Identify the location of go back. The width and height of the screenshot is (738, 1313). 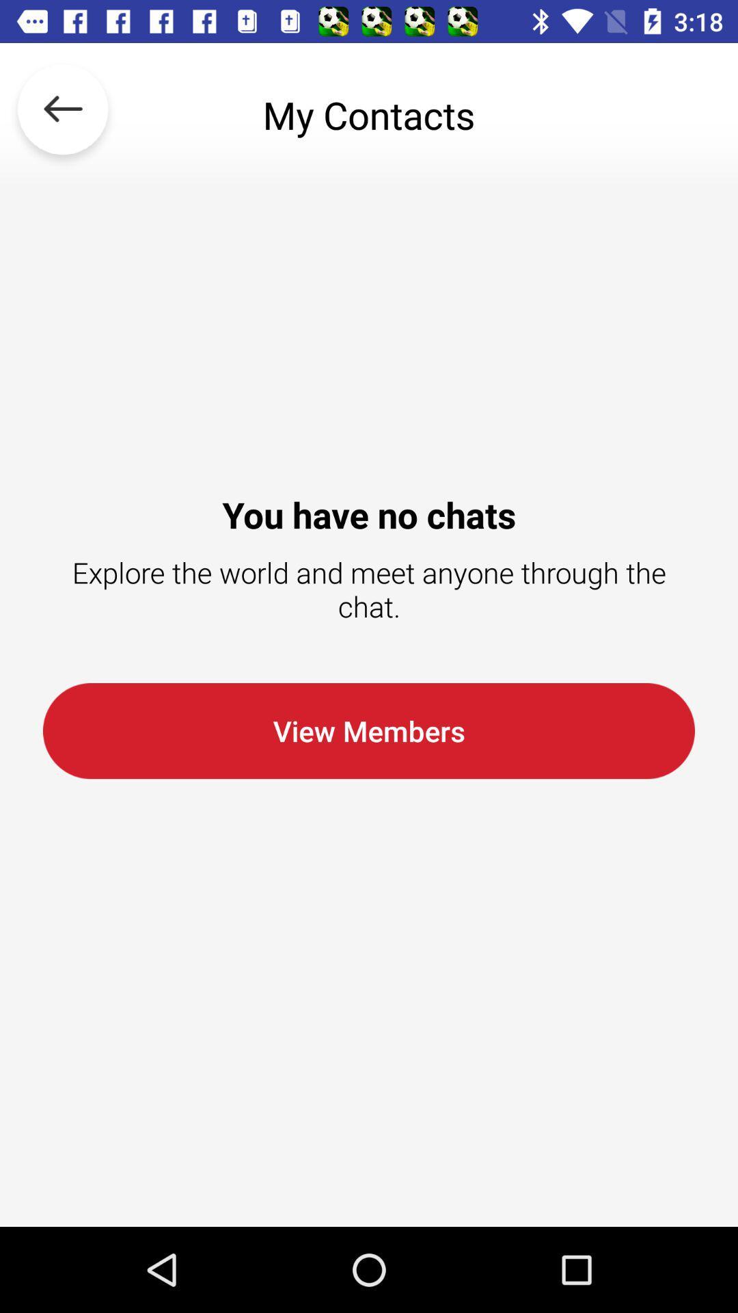
(63, 115).